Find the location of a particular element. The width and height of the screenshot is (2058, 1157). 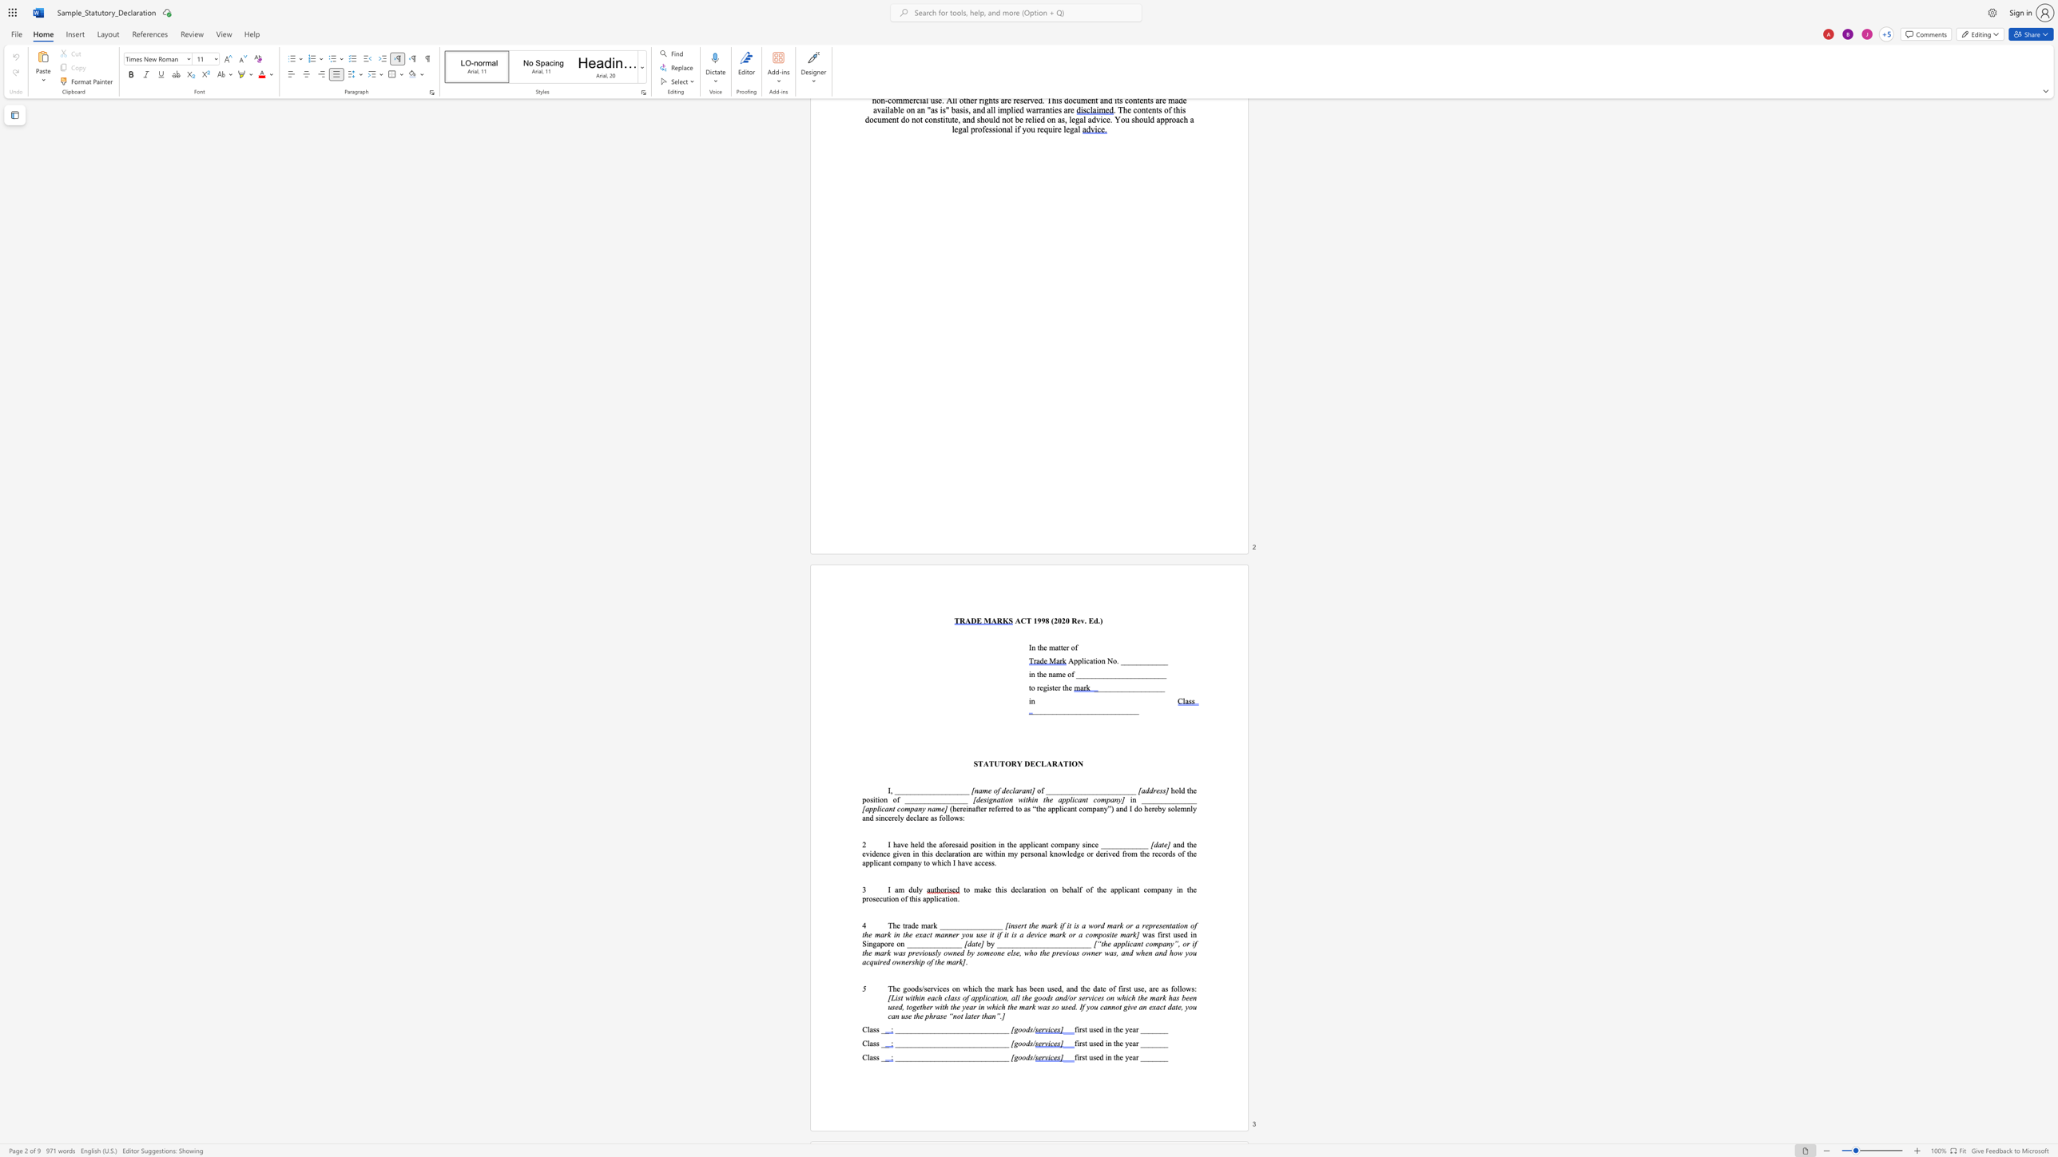

the 21th character "_" in the text is located at coordinates (1112, 711).